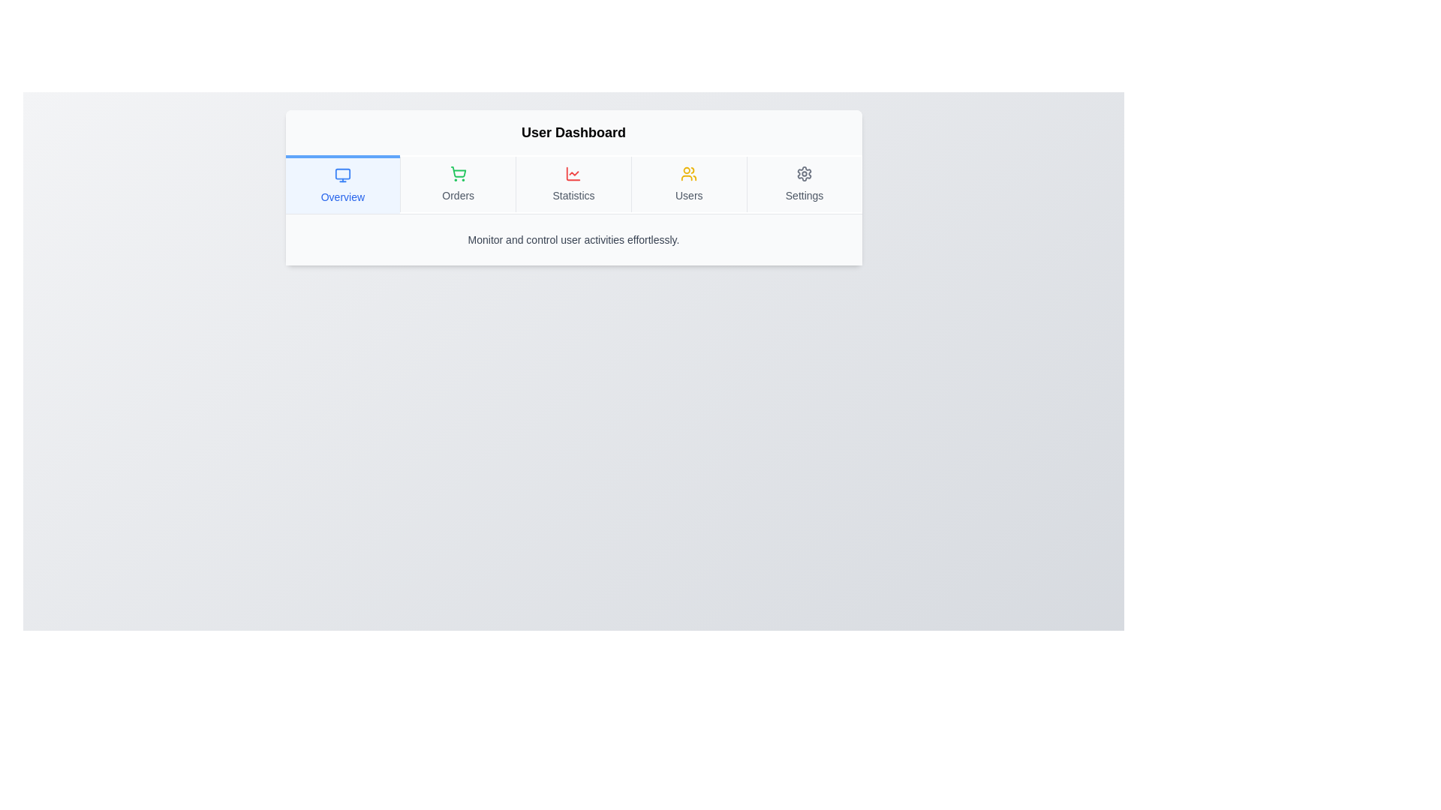 This screenshot has height=810, width=1441. What do you see at coordinates (341, 173) in the screenshot?
I see `the 'Overview' icon, which is a solid blue rounded rectangle in the navigation menu at the top-left corner of the UI panel` at bounding box center [341, 173].